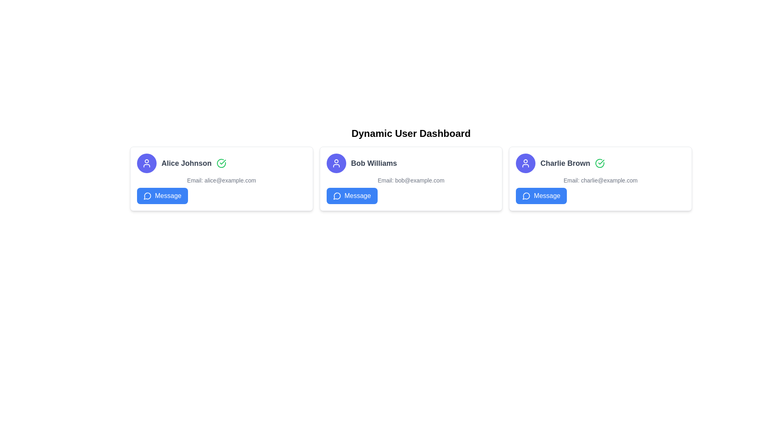  What do you see at coordinates (526, 163) in the screenshot?
I see `the circular, indigo-colored profile avatar icon, which is located to the left of the name 'Charlie Brown' and has a white outline of a user figure at its center` at bounding box center [526, 163].